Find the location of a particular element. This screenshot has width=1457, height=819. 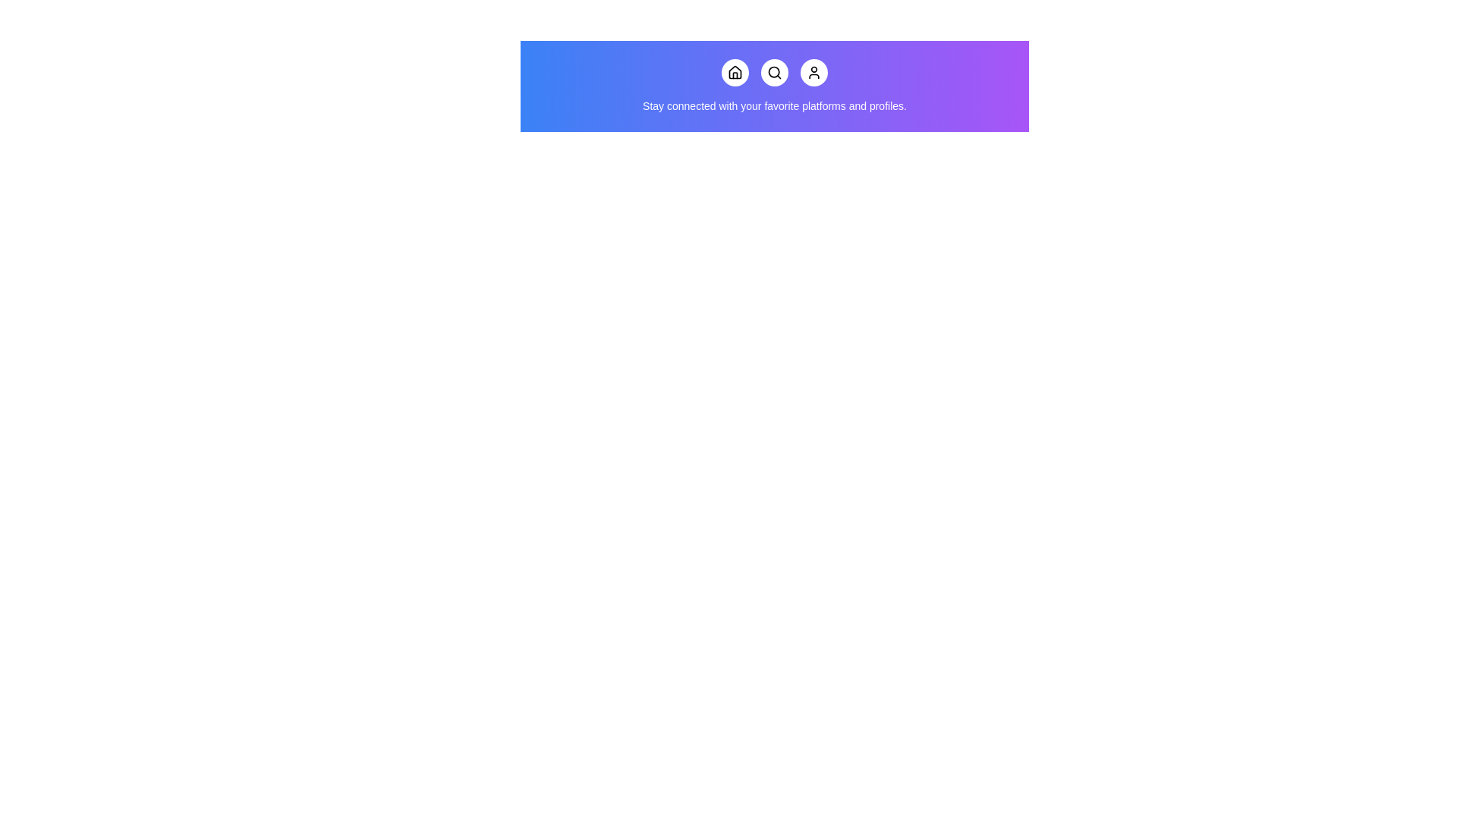

the informational static text label located below the circular icons for Home, Search, and Profile, which encourages user engagement with favorite platforms and profiles is located at coordinates (775, 105).